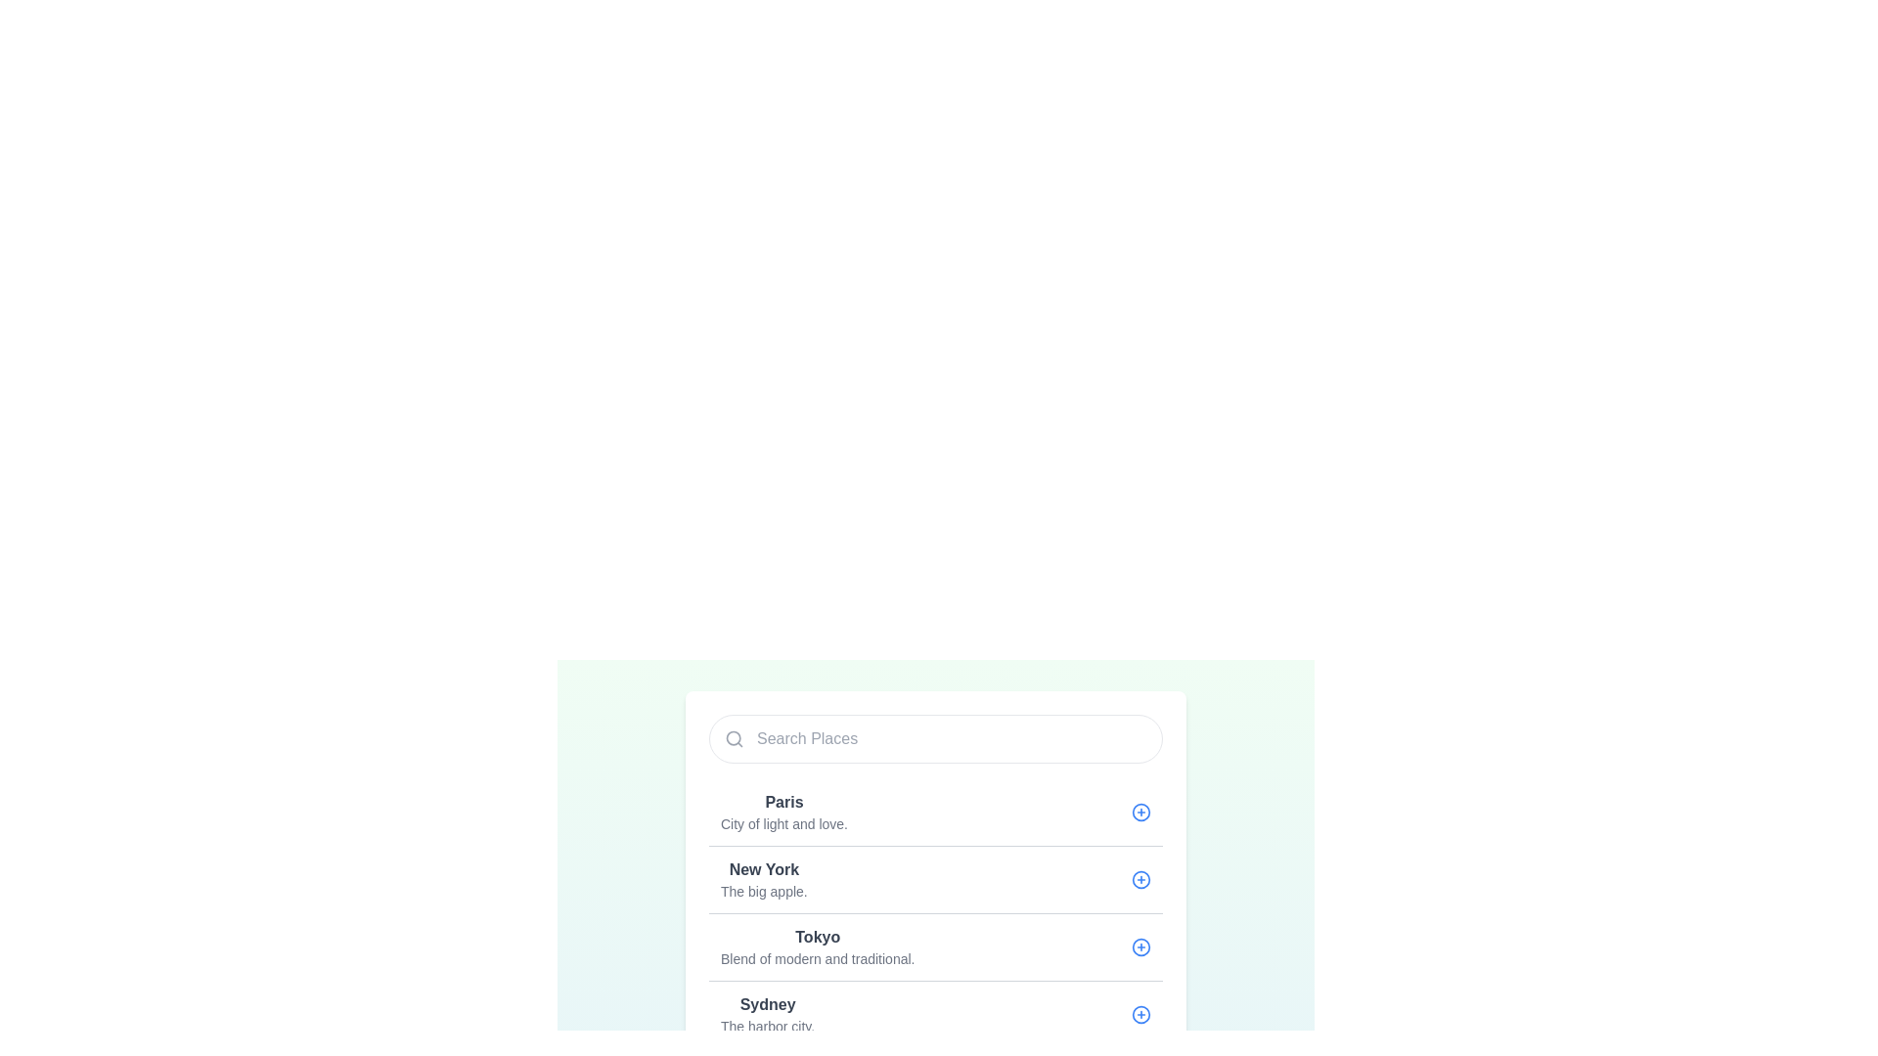 This screenshot has width=1878, height=1056. Describe the element at coordinates (763, 869) in the screenshot. I see `the text label displaying 'New York', which is styled in bold and dark gray, located at the top of the second list entry` at that location.